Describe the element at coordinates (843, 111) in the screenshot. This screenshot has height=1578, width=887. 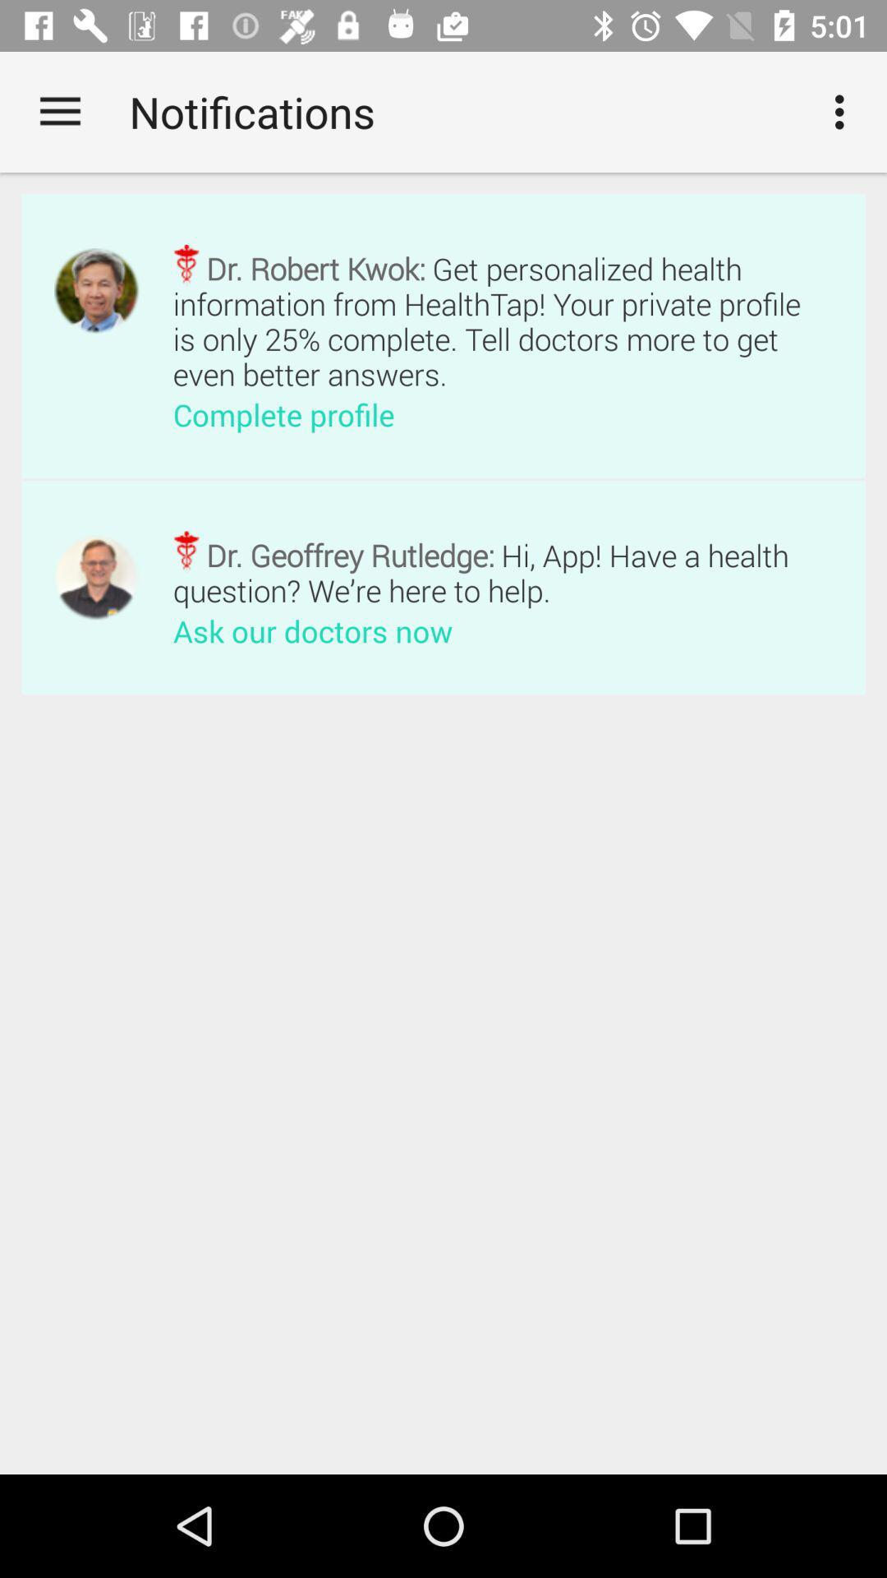
I see `the item next to notifications app` at that location.